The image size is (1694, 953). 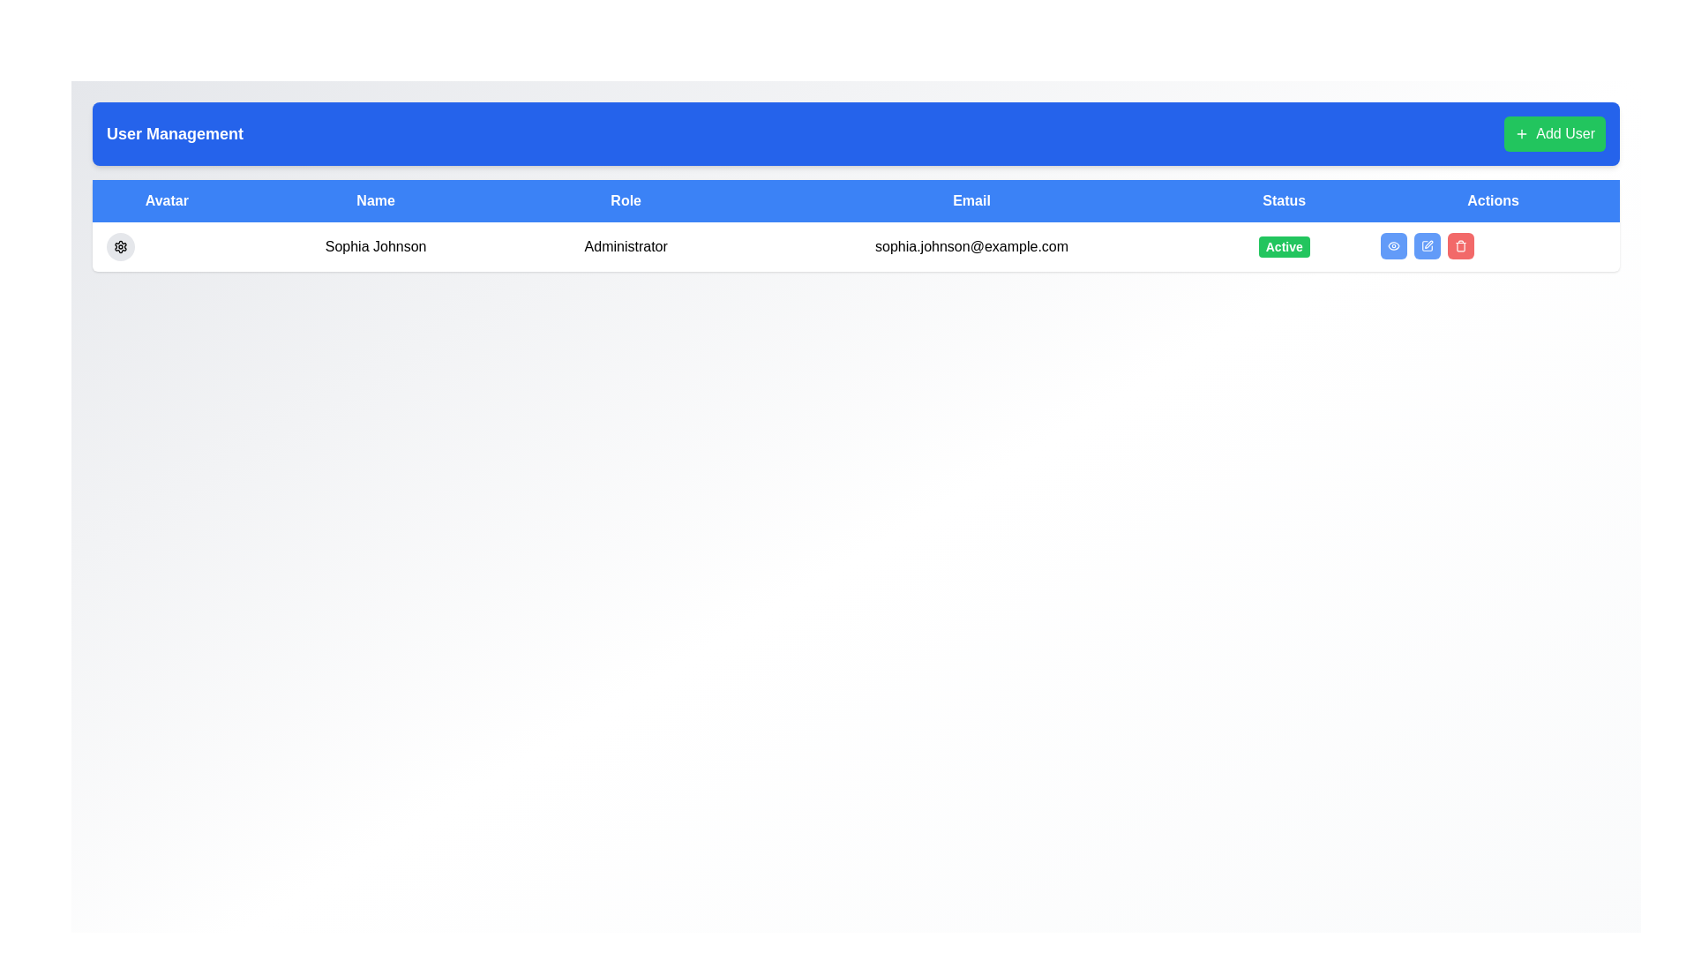 What do you see at coordinates (971, 247) in the screenshot?
I see `the email address 'sophia.johnson@example.com' located in the Email column for 'Sophia Johnson', 'Administrator'` at bounding box center [971, 247].